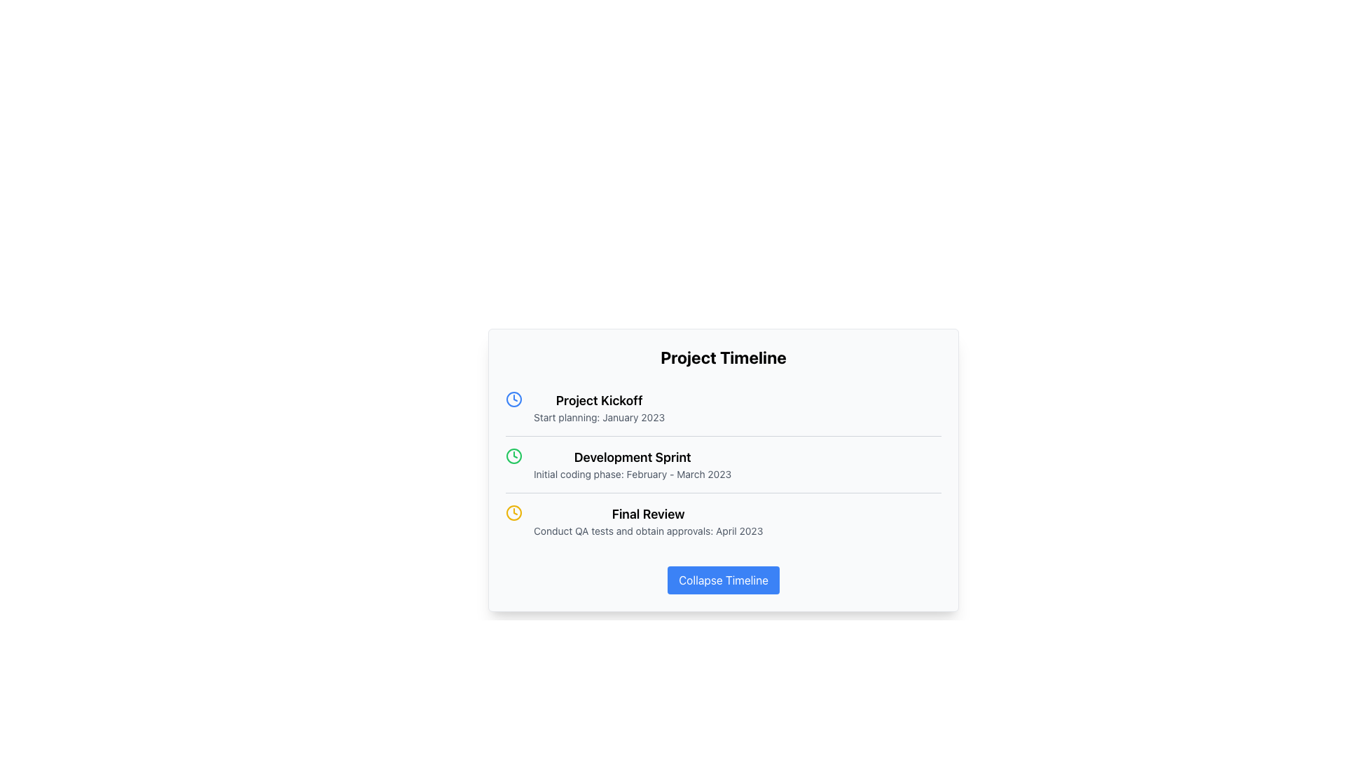  What do you see at coordinates (632, 474) in the screenshot?
I see `the static text providing a brief description of the 'Development Sprint' milestone, located directly beneath the 'Development Sprint' heading in the Project Timeline section` at bounding box center [632, 474].